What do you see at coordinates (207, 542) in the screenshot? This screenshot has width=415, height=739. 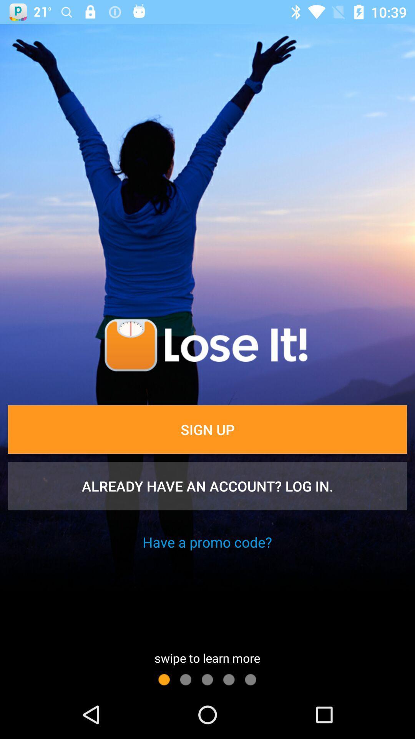 I see `the icon above swipe to learn item` at bounding box center [207, 542].